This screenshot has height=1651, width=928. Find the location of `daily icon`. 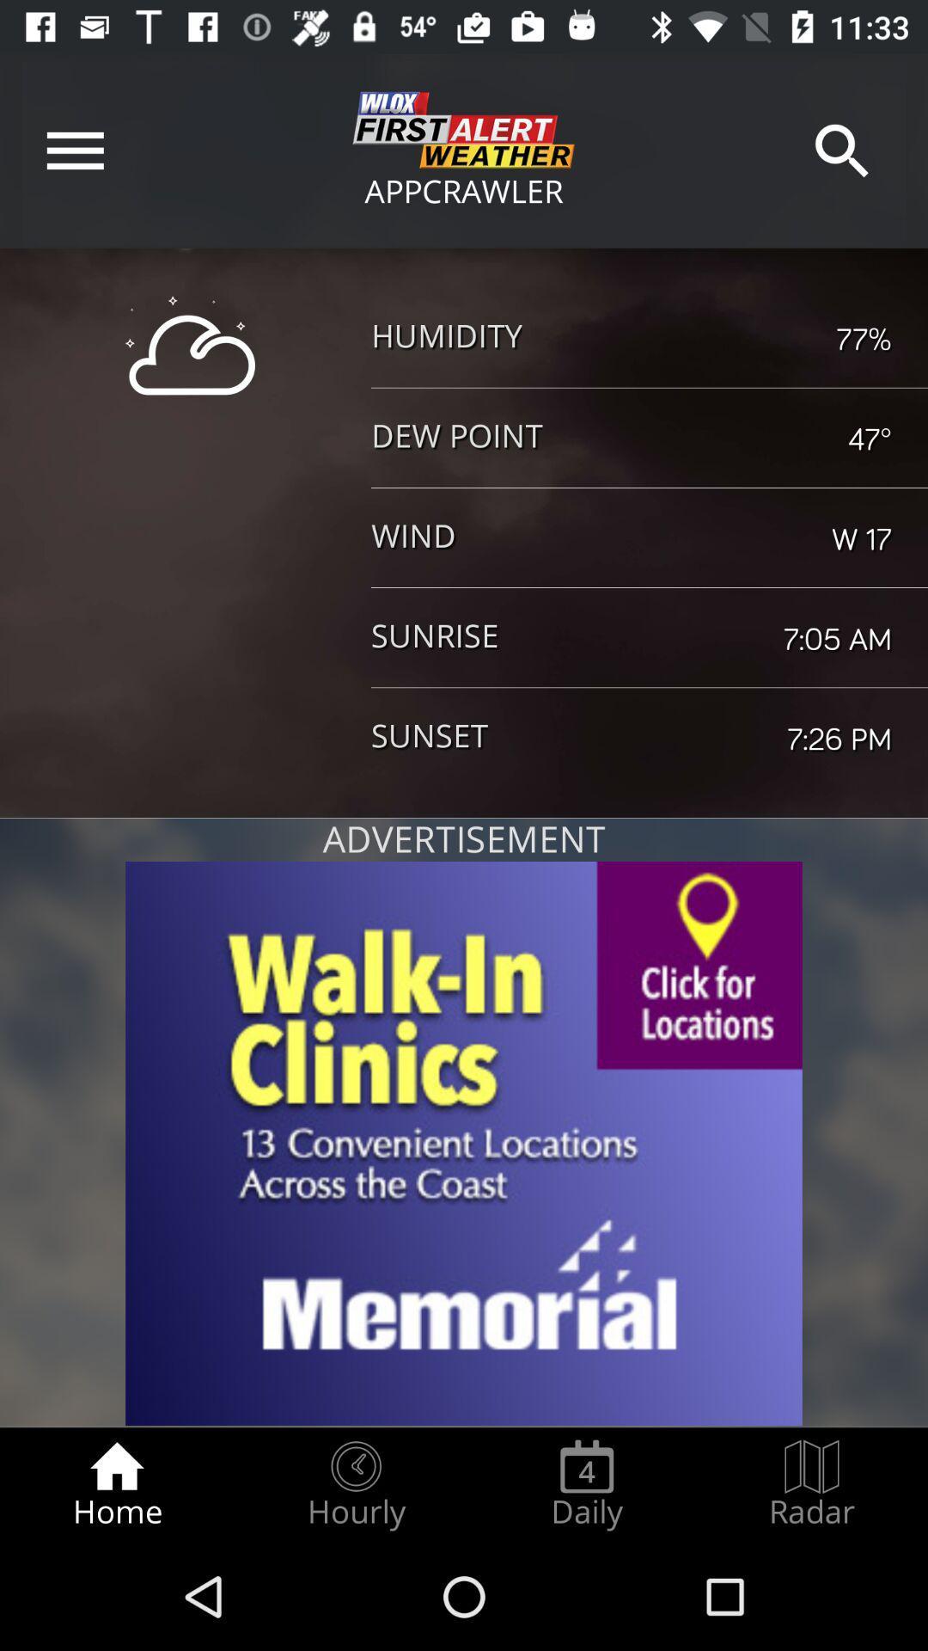

daily icon is located at coordinates (586, 1484).